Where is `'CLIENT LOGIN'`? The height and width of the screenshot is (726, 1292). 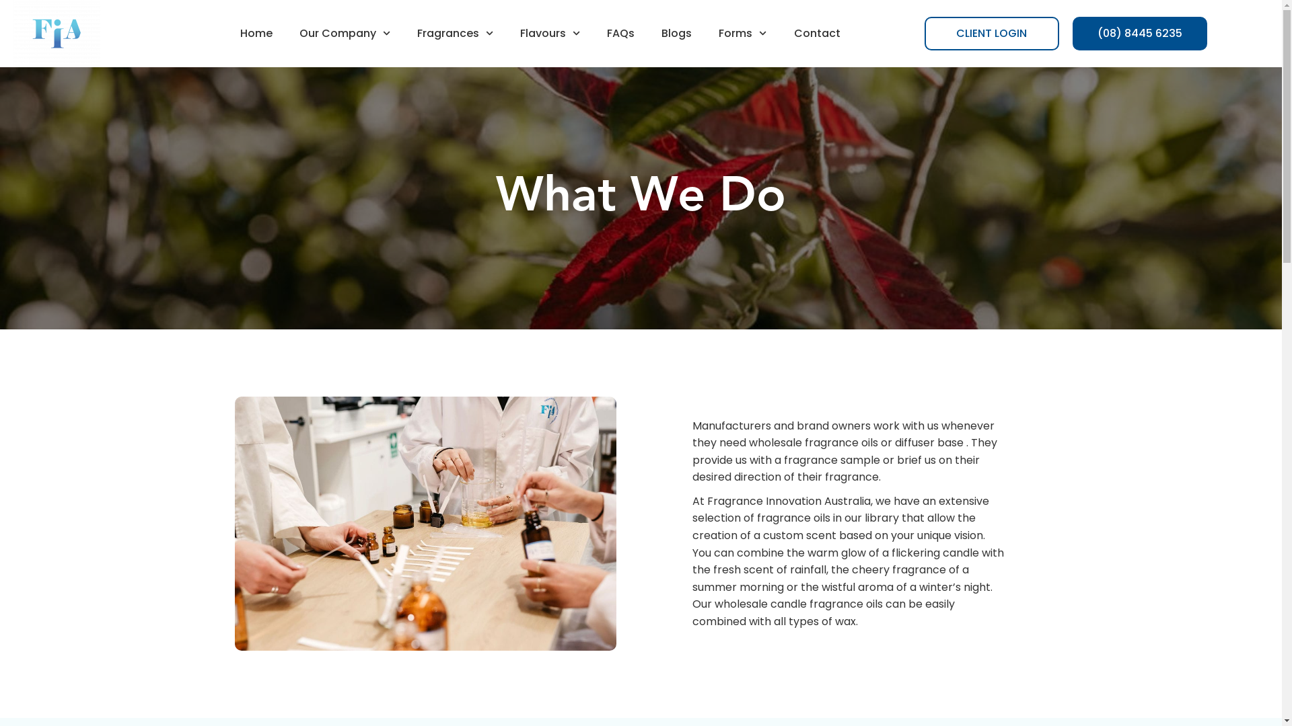
'CLIENT LOGIN' is located at coordinates (991, 33).